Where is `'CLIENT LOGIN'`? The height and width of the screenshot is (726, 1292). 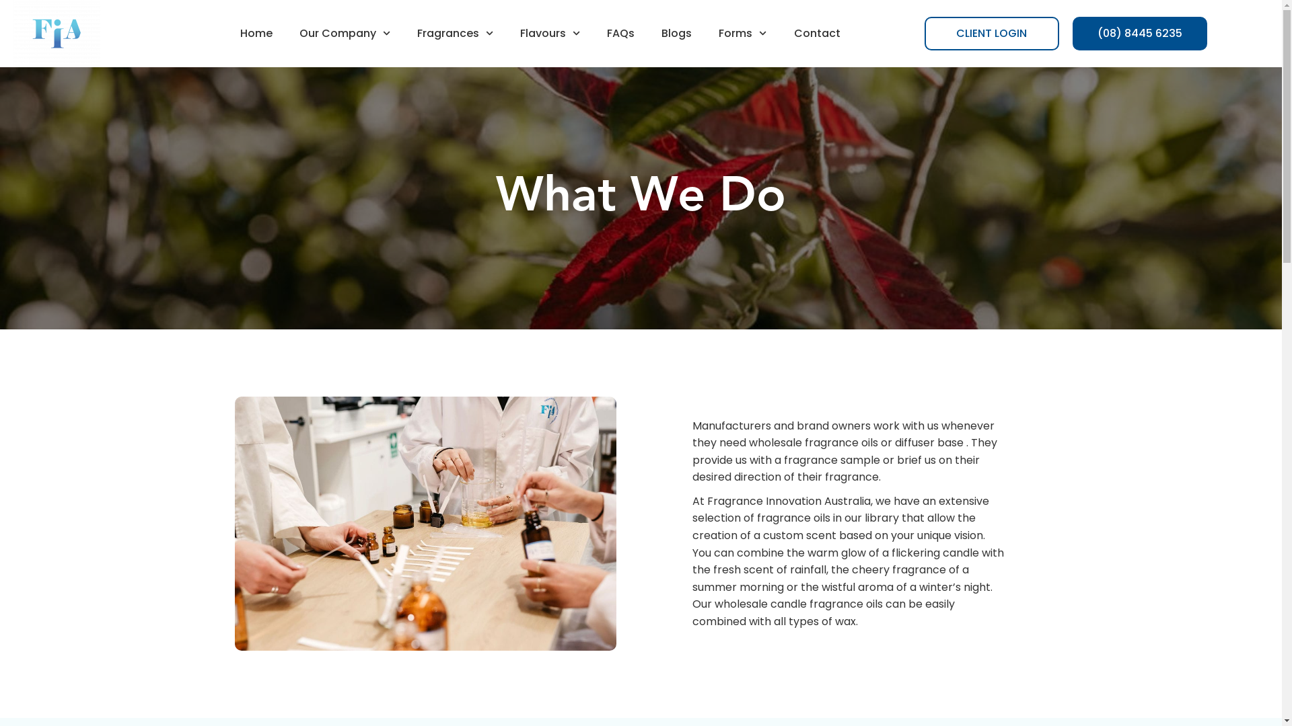
'CLIENT LOGIN' is located at coordinates (991, 33).